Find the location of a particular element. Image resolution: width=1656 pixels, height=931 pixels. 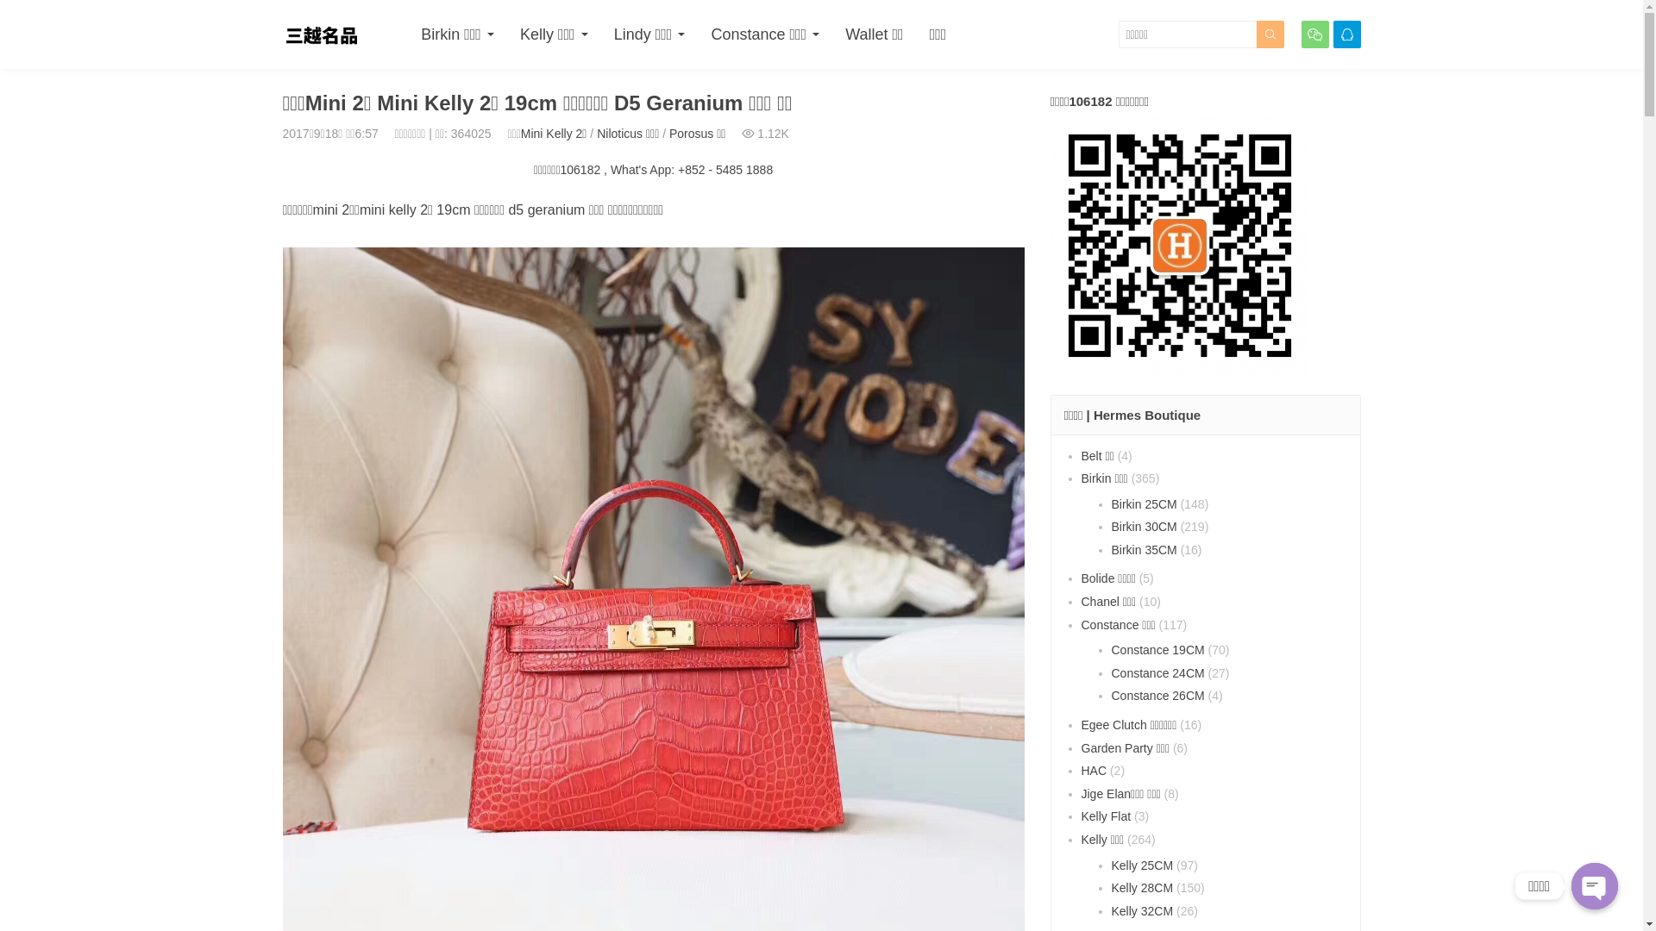

'Kelly 28CM' is located at coordinates (1142, 887).